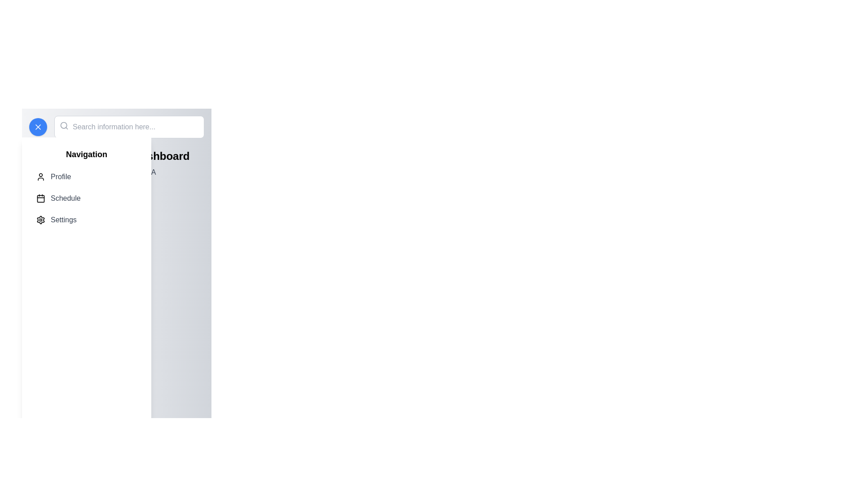 This screenshot has height=485, width=862. I want to click on the magnifying glass icon representing search functionality, so click(64, 126).